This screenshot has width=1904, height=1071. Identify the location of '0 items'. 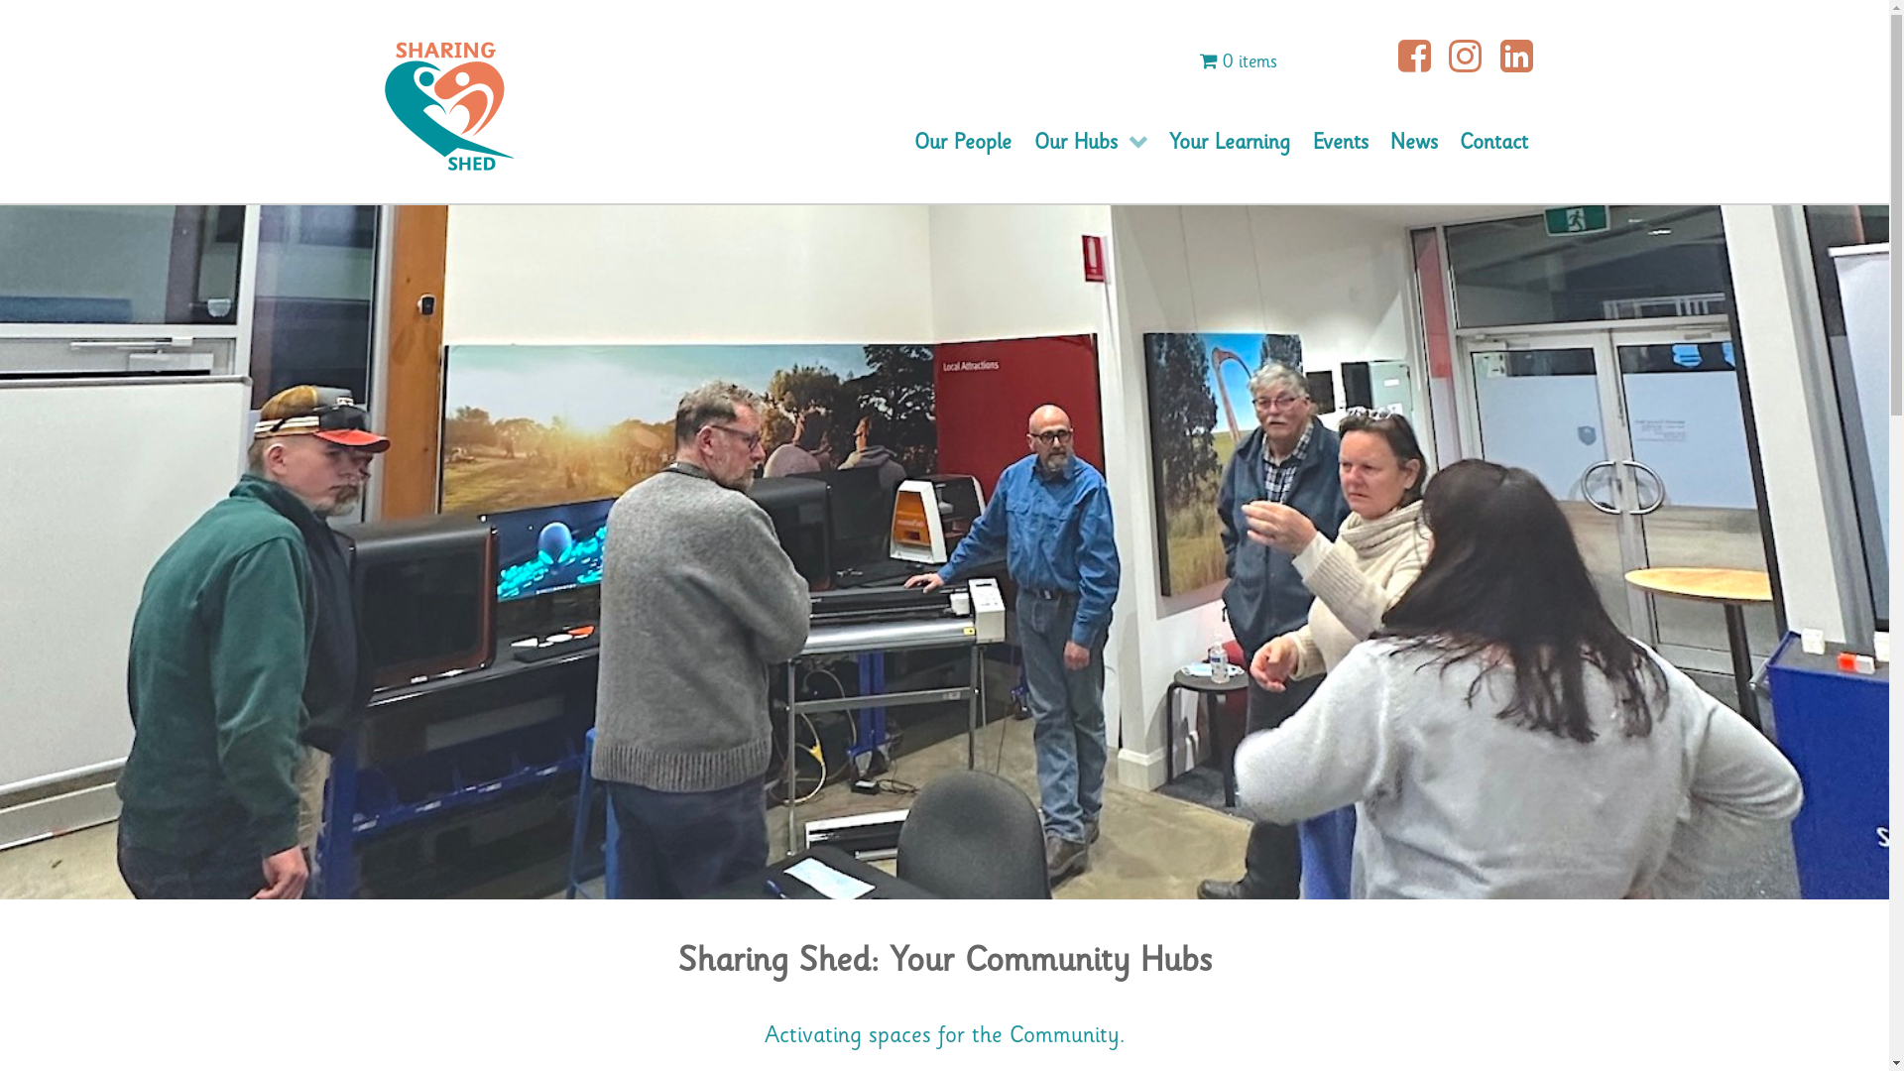
(1237, 60).